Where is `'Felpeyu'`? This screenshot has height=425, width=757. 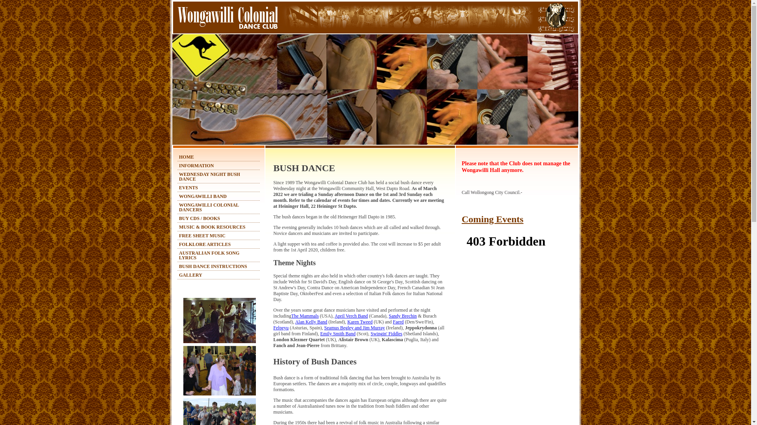
'Felpeyu' is located at coordinates (273, 328).